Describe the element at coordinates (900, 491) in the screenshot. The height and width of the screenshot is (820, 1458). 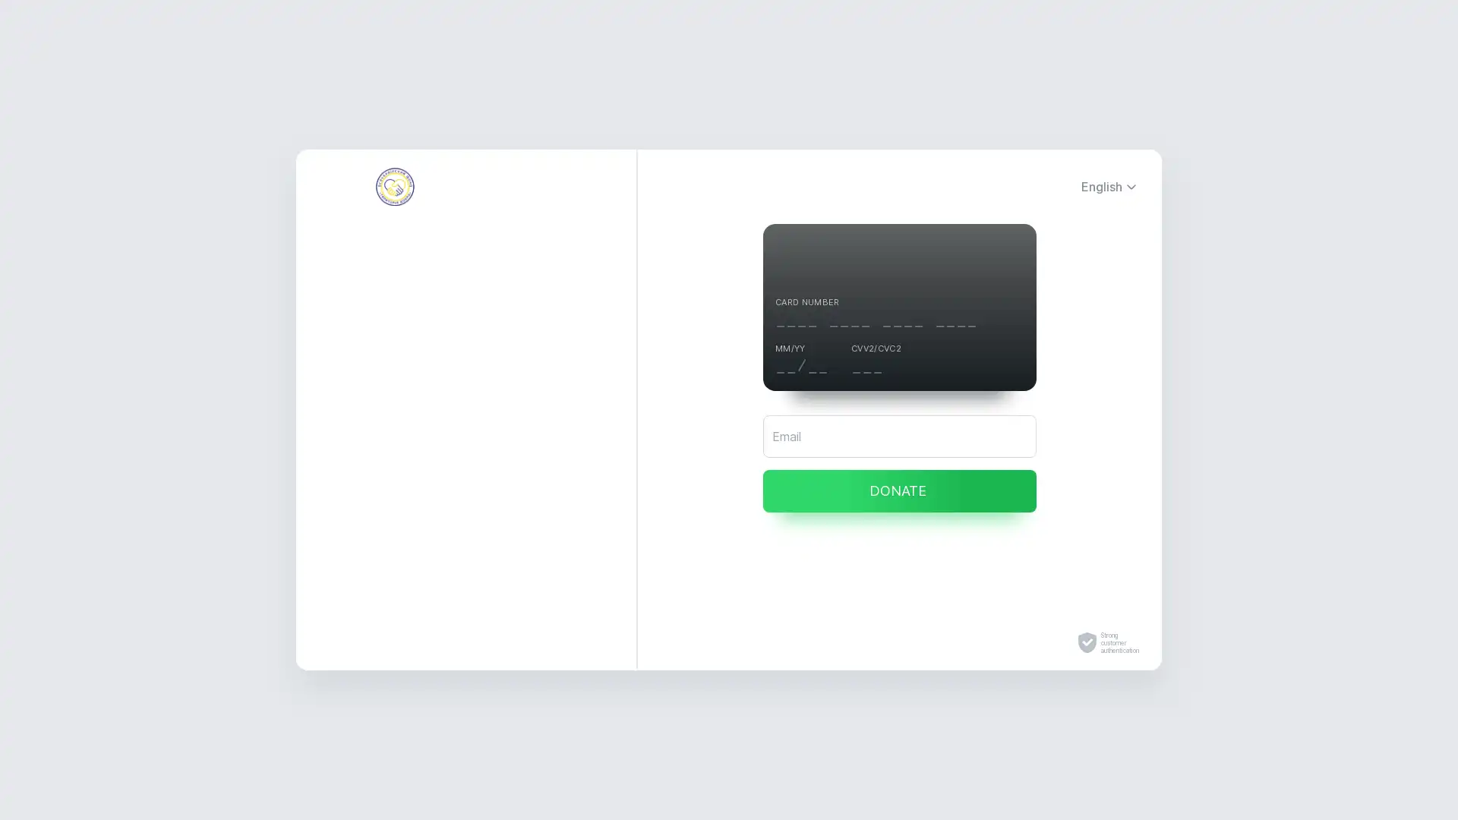
I see `DONATE` at that location.